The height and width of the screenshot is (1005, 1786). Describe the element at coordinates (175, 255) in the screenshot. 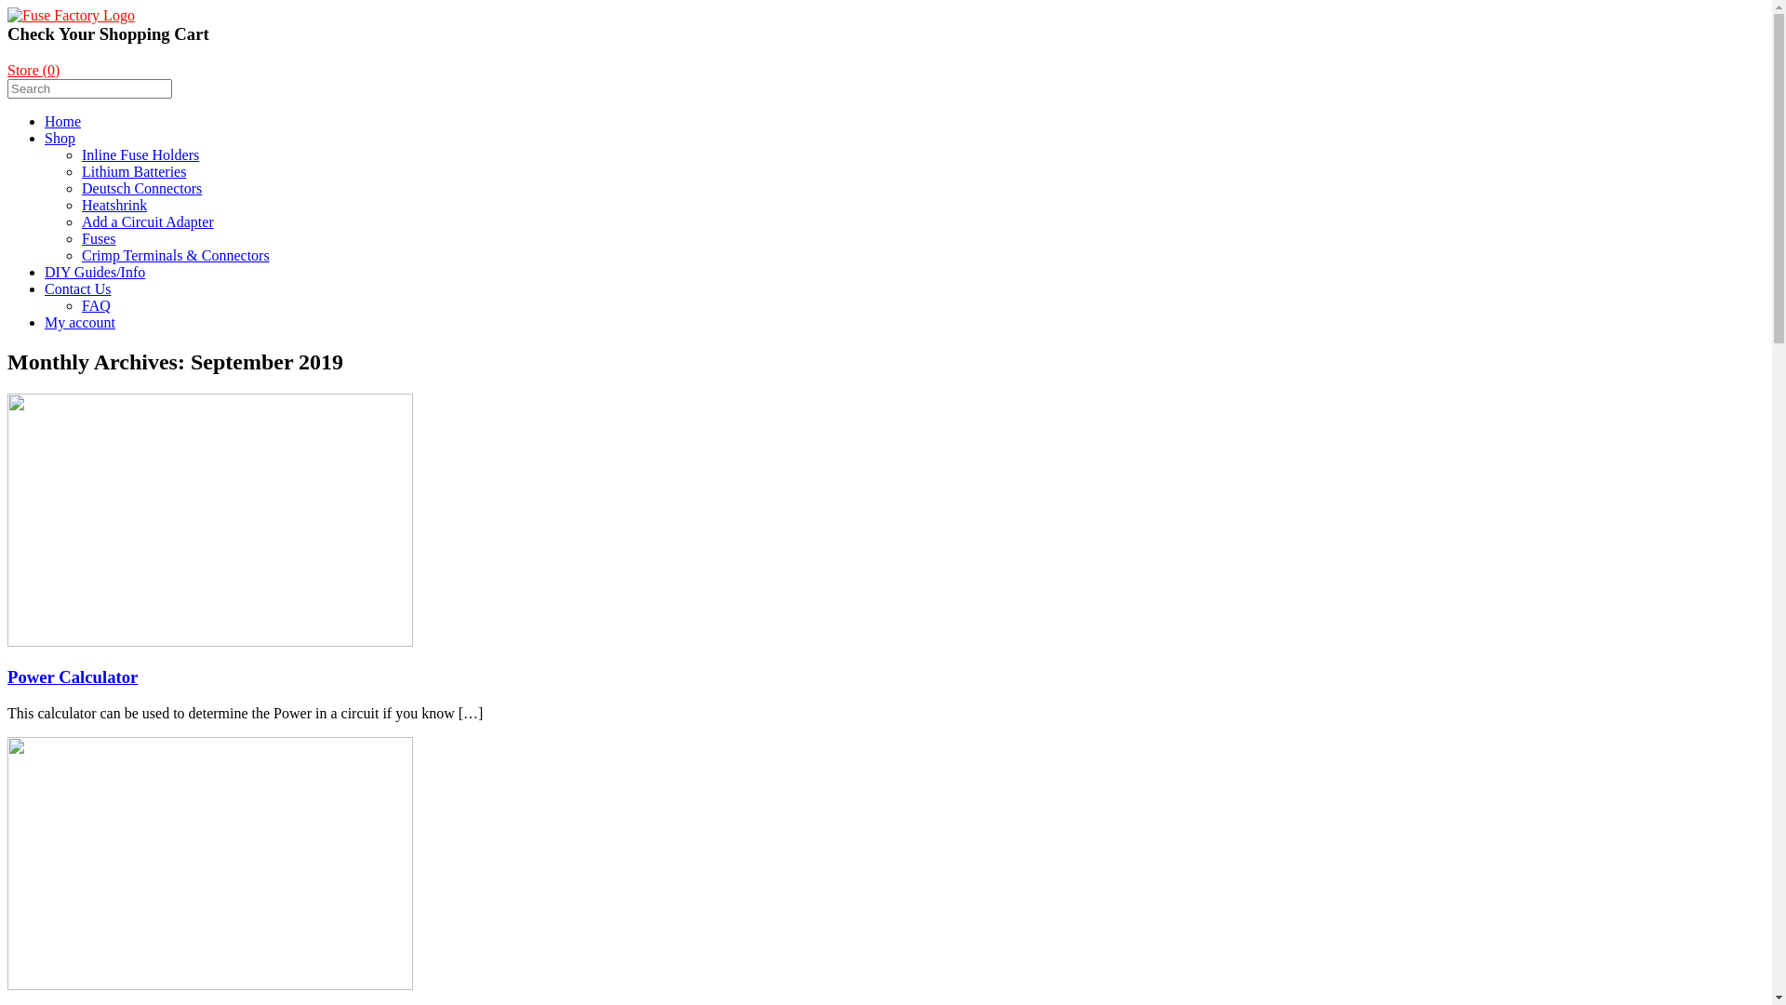

I see `'Crimp Terminals & Connectors'` at that location.